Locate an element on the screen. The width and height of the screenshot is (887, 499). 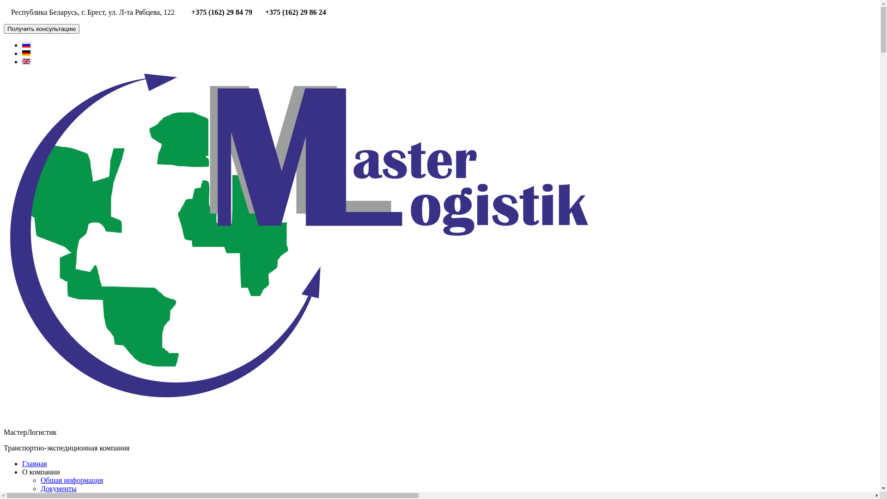
'Deutsch (Deutschland)' is located at coordinates (26, 53).